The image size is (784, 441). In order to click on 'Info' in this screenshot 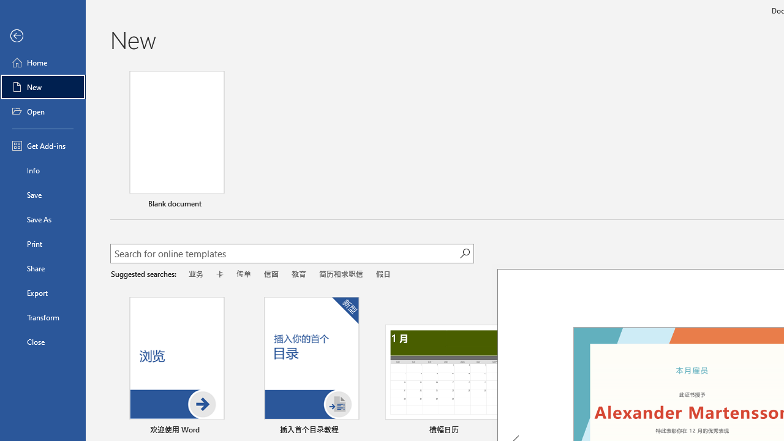, I will do `click(42, 170)`.